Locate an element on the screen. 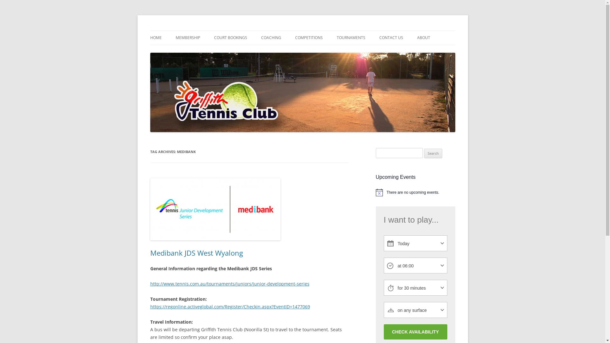 The image size is (610, 343). 'MEMBERSHIP' is located at coordinates (187, 38).